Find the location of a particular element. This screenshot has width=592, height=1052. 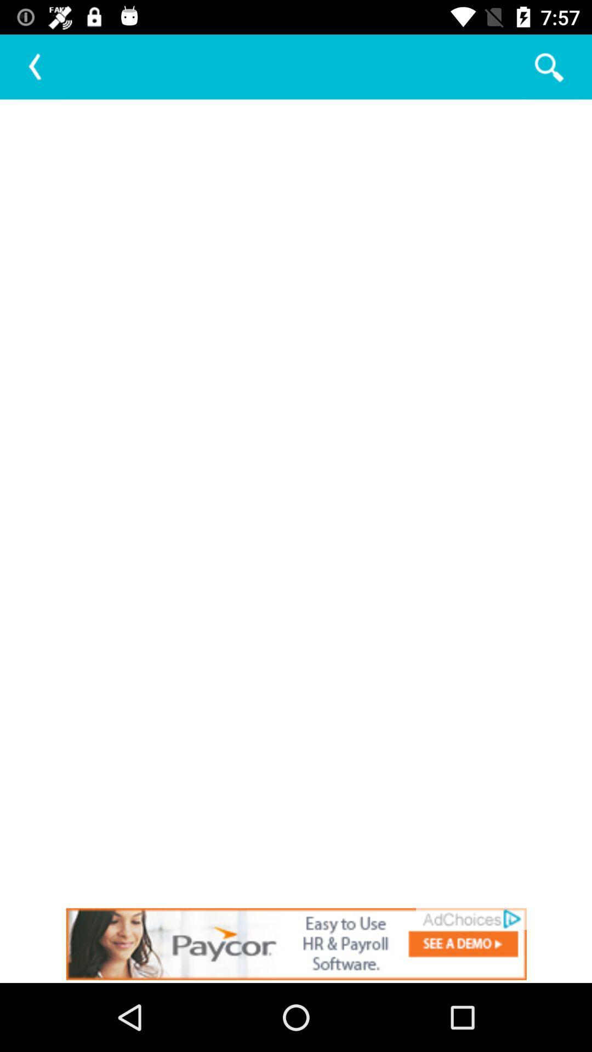

advertisement is located at coordinates (296, 944).